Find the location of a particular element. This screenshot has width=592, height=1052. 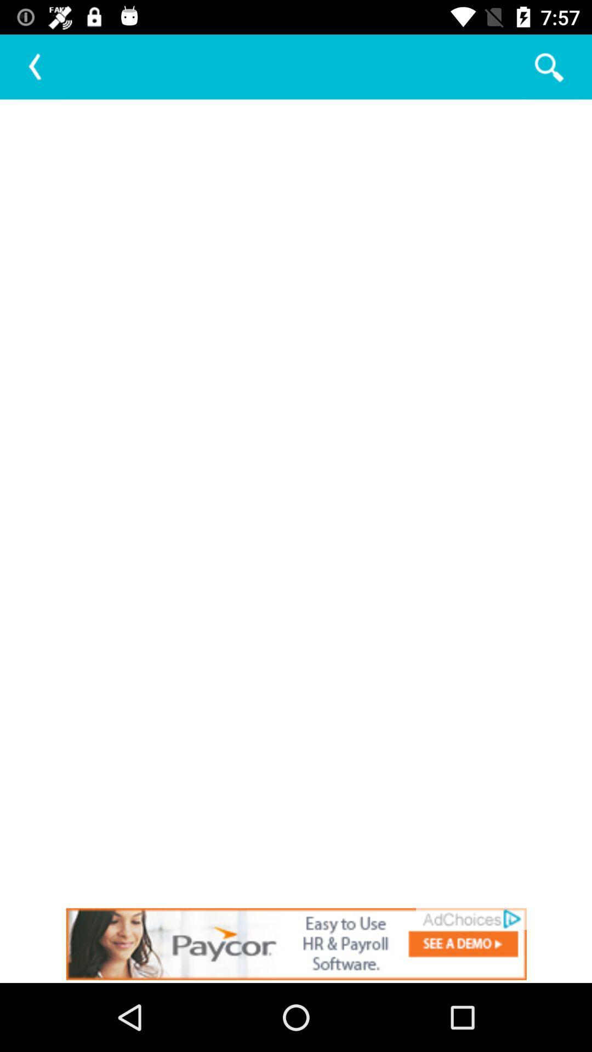

advertisement is located at coordinates (296, 944).